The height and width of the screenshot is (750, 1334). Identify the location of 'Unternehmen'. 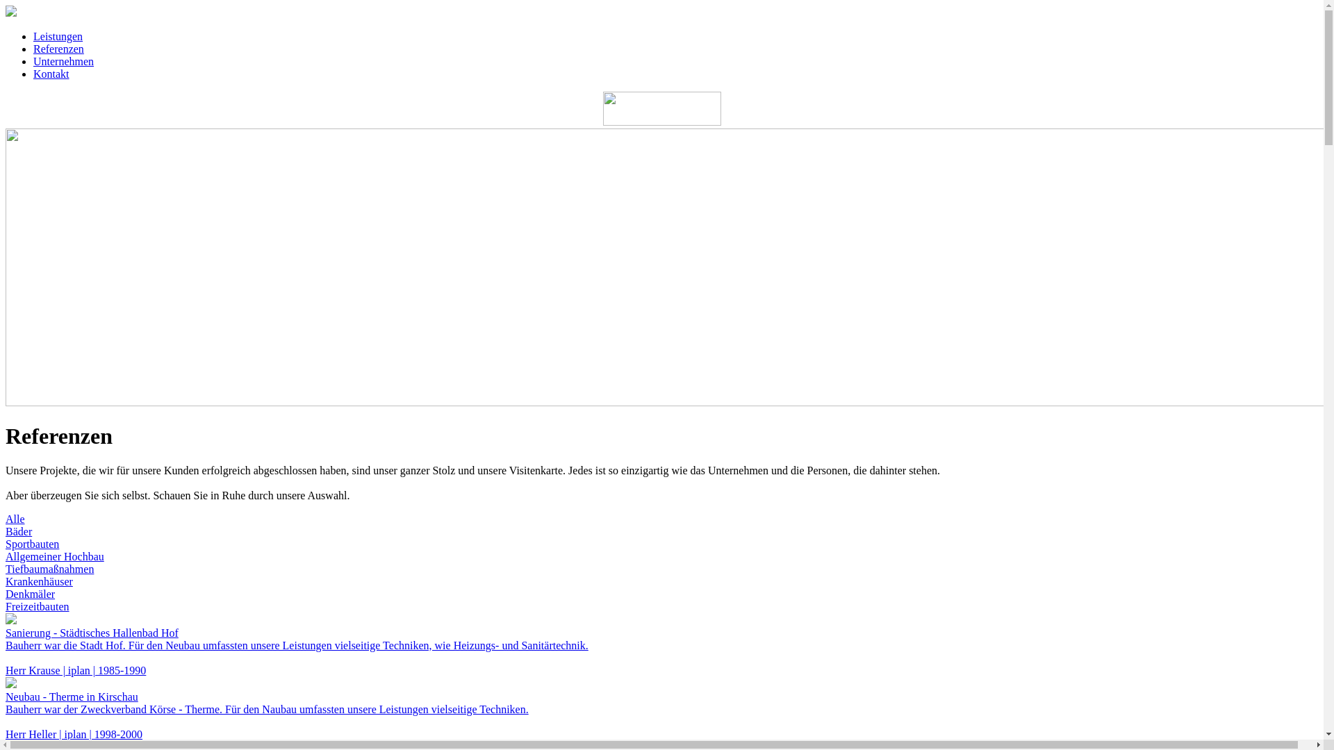
(63, 60).